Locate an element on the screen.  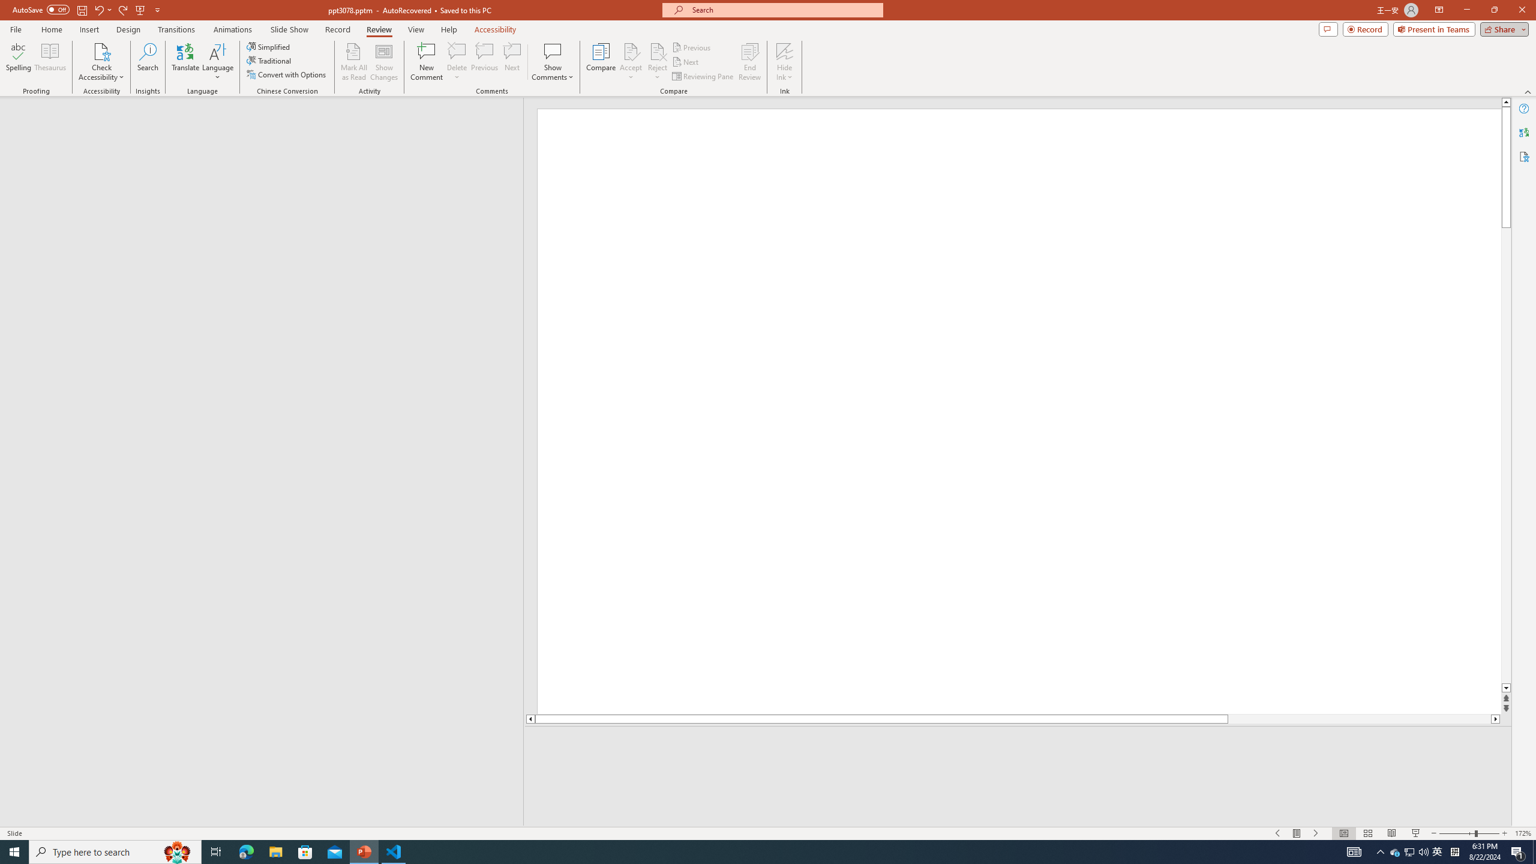
'Zoom 172%' is located at coordinates (1522, 833).